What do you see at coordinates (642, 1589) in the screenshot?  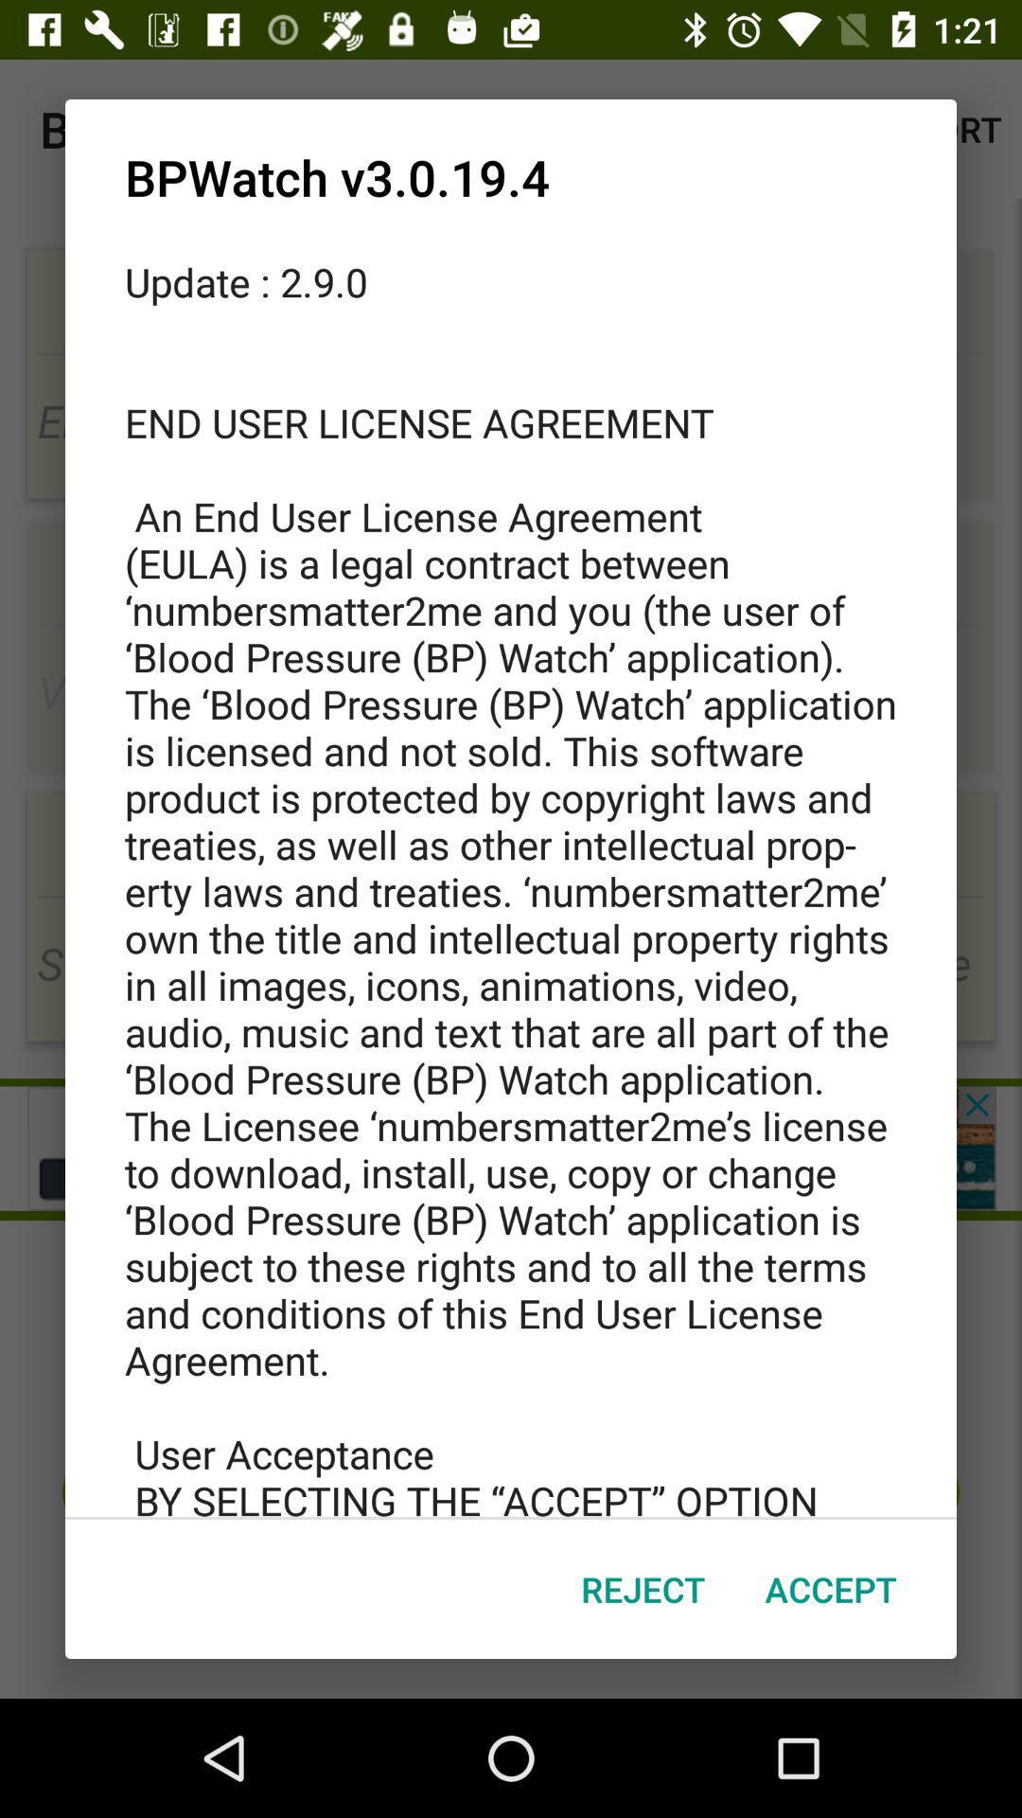 I see `the item below the update 2 9 icon` at bounding box center [642, 1589].